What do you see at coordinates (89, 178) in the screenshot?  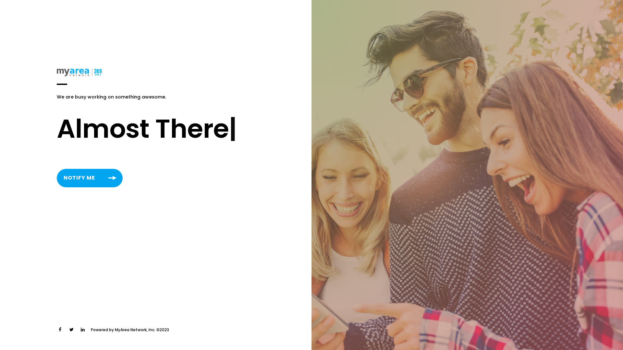 I see `'NOTIFY ME'` at bounding box center [89, 178].